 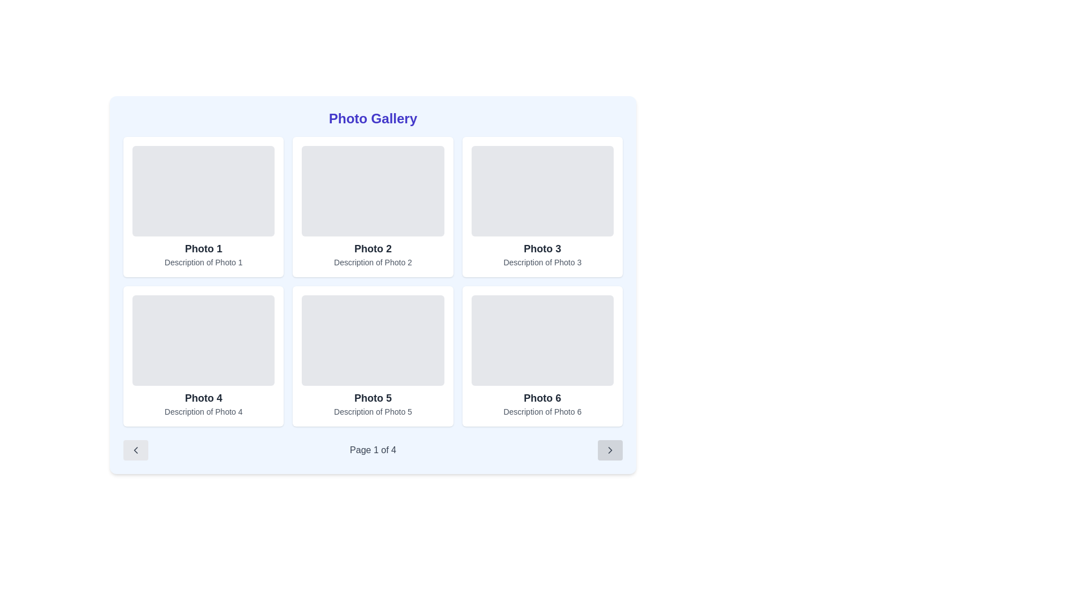 What do you see at coordinates (609, 449) in the screenshot?
I see `the Chevron Right icon located at the bottom-right corner of the interface, which serves as a navigation button for advancing to the next page in a gallery or list view` at bounding box center [609, 449].